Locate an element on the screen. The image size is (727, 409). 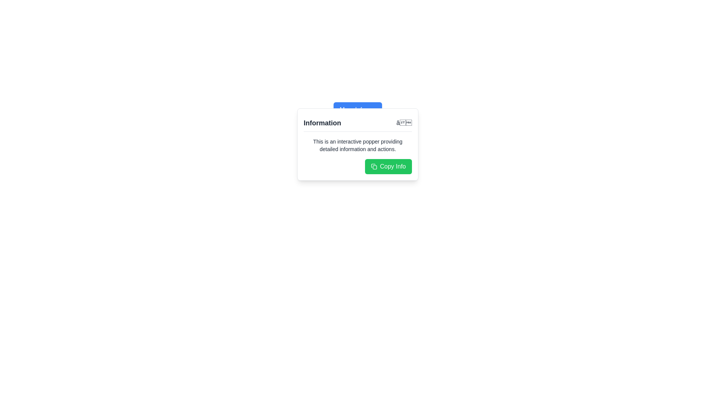
the static text label located in the upper-left portion of a card-like structure, which serves as a non-interactive title or label is located at coordinates (322, 122).